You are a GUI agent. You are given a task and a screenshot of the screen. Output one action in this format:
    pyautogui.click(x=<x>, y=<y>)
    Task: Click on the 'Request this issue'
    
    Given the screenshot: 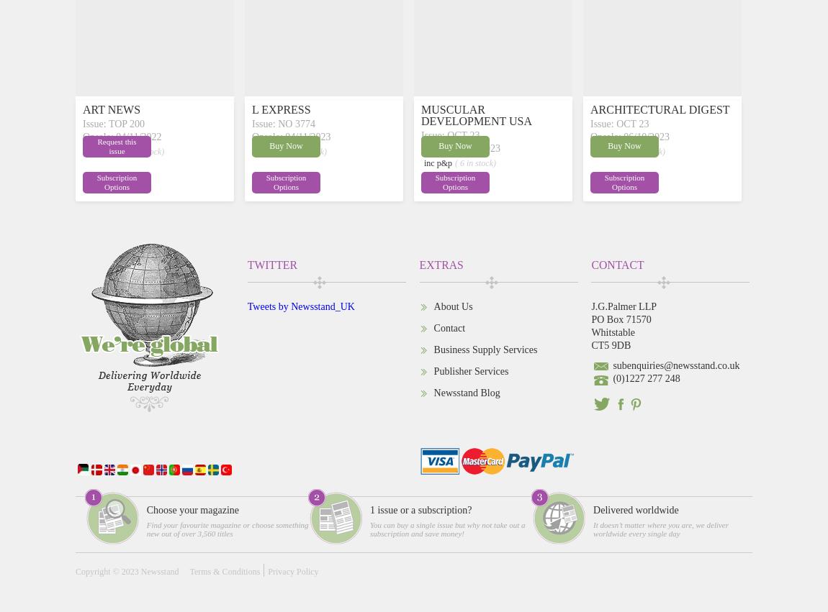 What is the action you would take?
    pyautogui.click(x=116, y=145)
    